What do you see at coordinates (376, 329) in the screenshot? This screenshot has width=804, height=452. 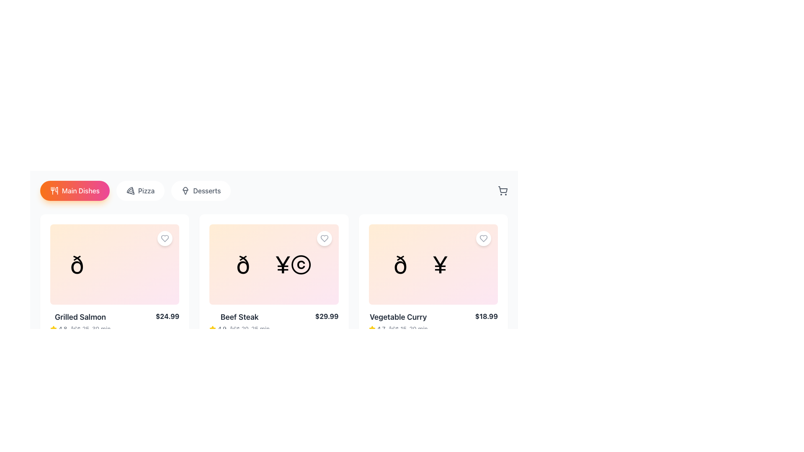 I see `the Rating indicator for the 'Vegetable Curry' item, which features a yellow star icon and the text '4.7' in dark gray, located in the bottom left corner of its card layout` at bounding box center [376, 329].